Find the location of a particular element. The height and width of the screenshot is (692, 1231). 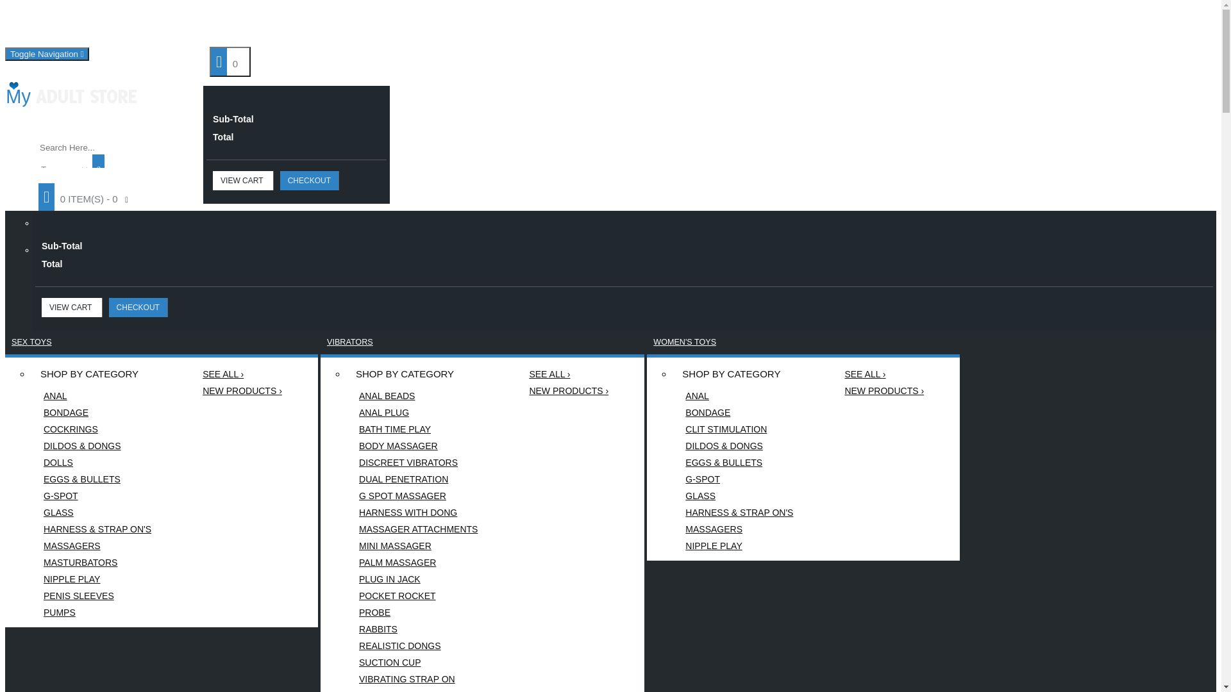

'Toggle Navigation' is located at coordinates (47, 53).